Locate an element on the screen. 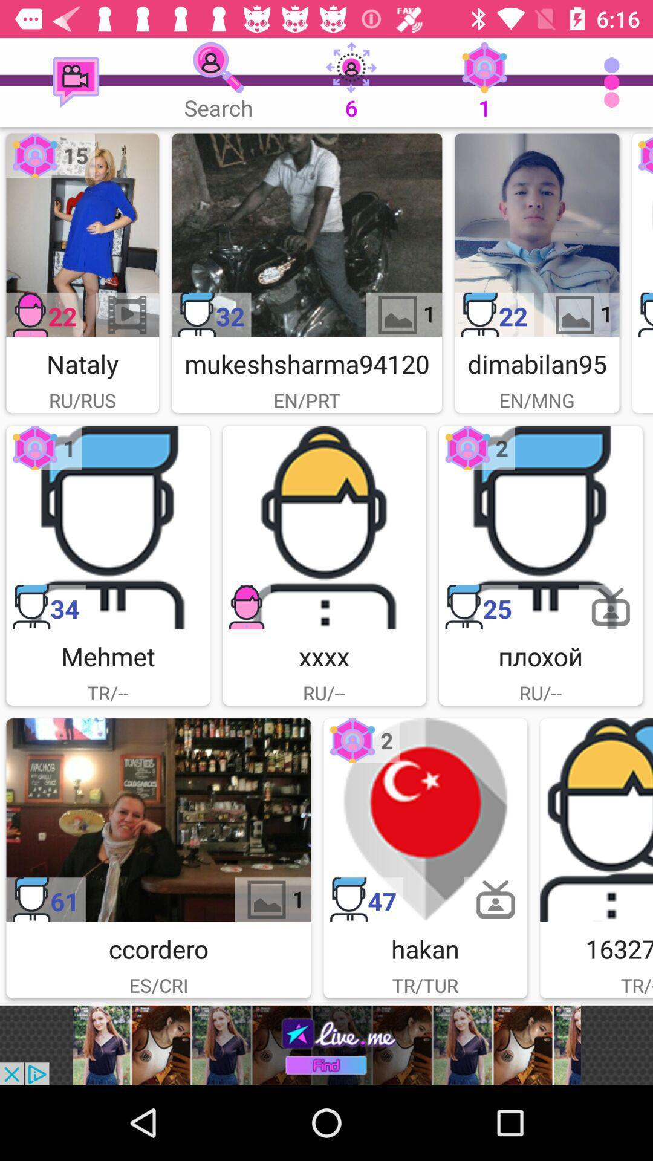  click live me advertisement is located at coordinates (326, 1044).